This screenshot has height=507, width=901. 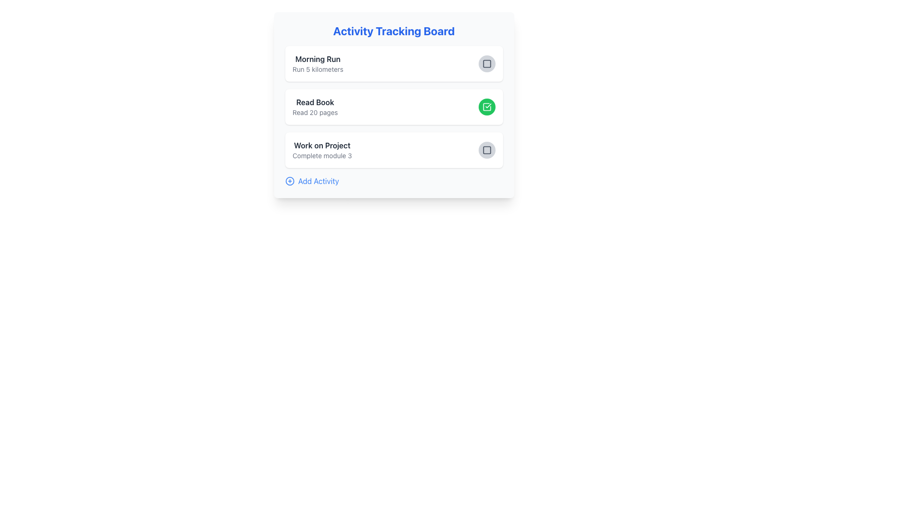 What do you see at coordinates (487, 106) in the screenshot?
I see `the checkbox icon resembling a square with rounded edges and an open checkmark inside it, located in the second row corresponding with the 'Read Book' activity` at bounding box center [487, 106].